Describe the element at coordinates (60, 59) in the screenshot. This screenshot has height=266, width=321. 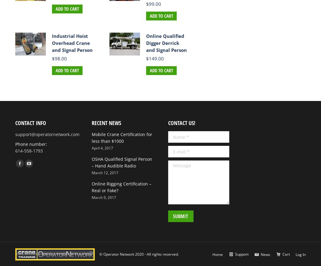
I see `'98.00'` at that location.